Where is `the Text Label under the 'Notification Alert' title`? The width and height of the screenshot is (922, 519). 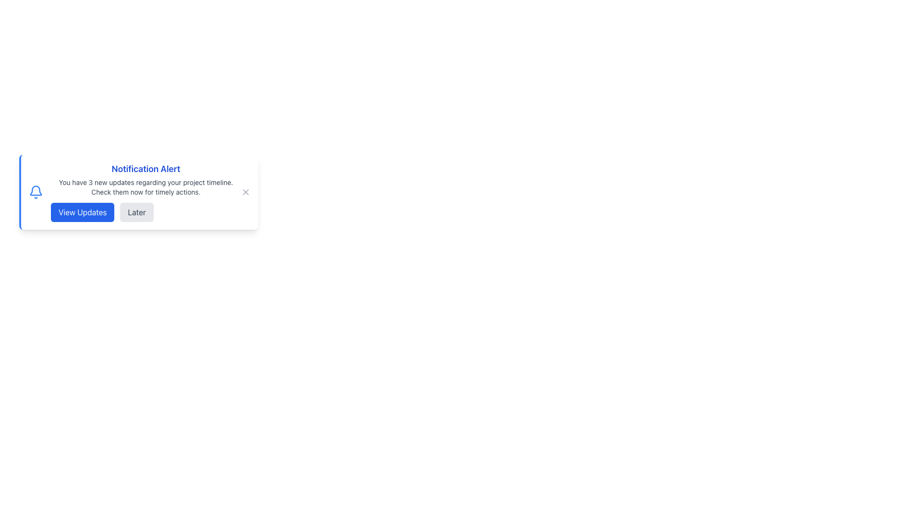
the Text Label under the 'Notification Alert' title is located at coordinates (145, 187).